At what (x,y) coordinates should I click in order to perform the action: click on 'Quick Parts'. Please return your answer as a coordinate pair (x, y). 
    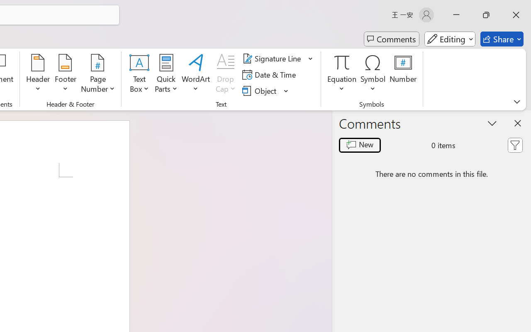
    Looking at the image, I should click on (166, 74).